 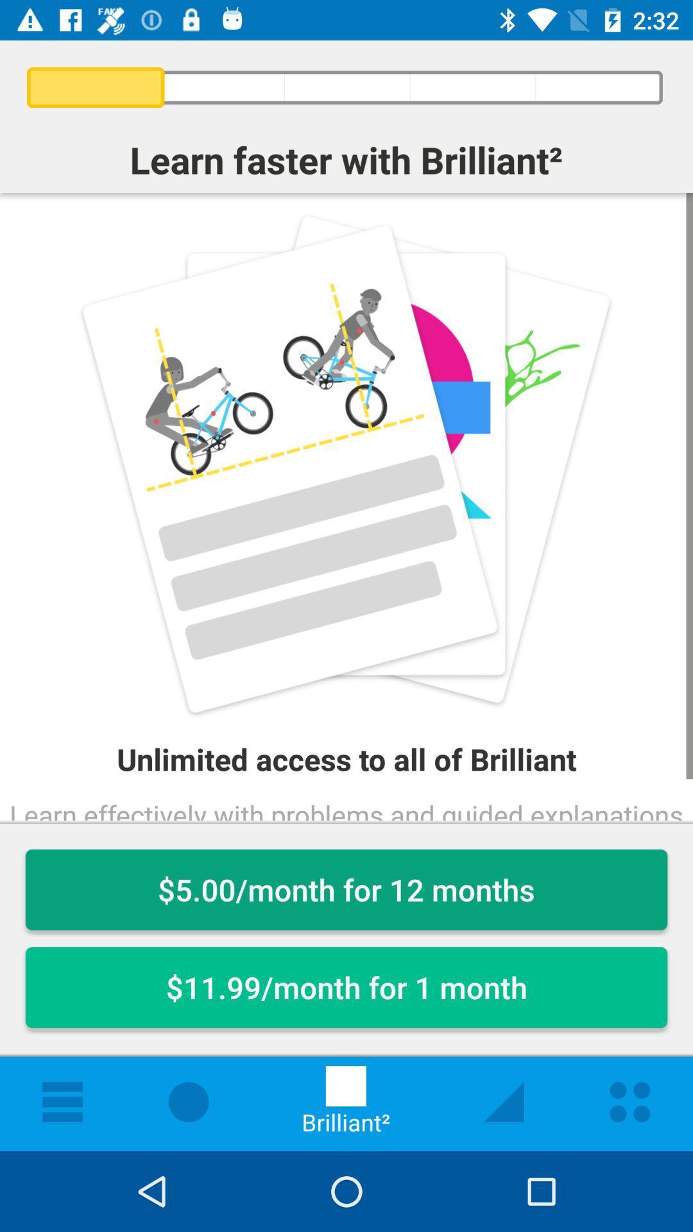 I want to click on the first icon from the right, so click(x=629, y=1101).